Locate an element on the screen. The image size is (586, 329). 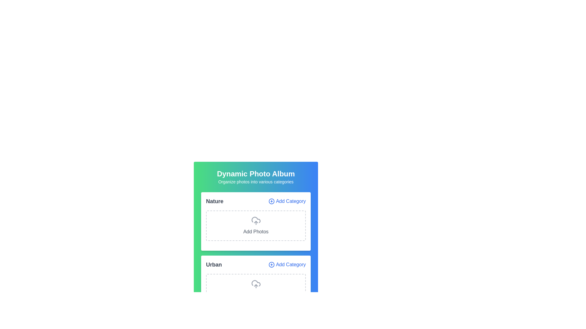
the center of the interactive upload area, which is a rectangular box with dashed borders and the text 'Add Photos', to potentially open a file selector is located at coordinates (256, 288).